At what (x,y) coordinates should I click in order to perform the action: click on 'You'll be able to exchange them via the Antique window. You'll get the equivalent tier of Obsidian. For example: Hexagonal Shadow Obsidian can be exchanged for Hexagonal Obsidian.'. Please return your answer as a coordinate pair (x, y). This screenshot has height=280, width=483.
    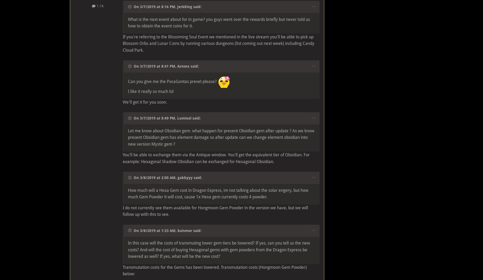
    Looking at the image, I should click on (216, 158).